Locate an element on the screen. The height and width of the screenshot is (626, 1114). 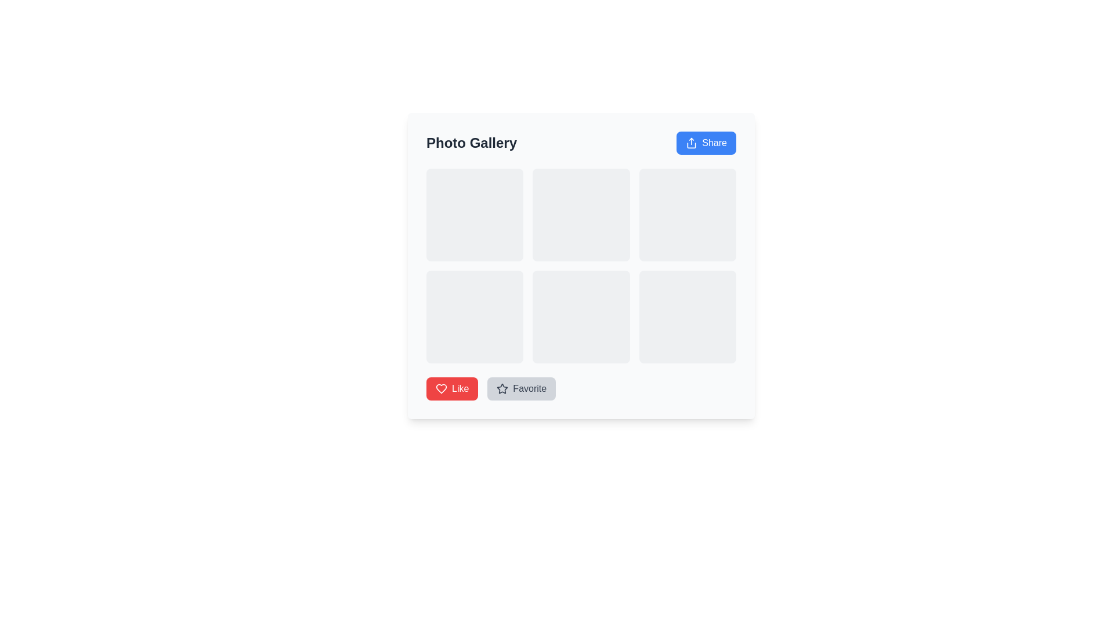
the 'Favorite' button, which has a light gray background, rounded corners, and a dark gray text label with a star icon to the left is located at coordinates (521, 389).